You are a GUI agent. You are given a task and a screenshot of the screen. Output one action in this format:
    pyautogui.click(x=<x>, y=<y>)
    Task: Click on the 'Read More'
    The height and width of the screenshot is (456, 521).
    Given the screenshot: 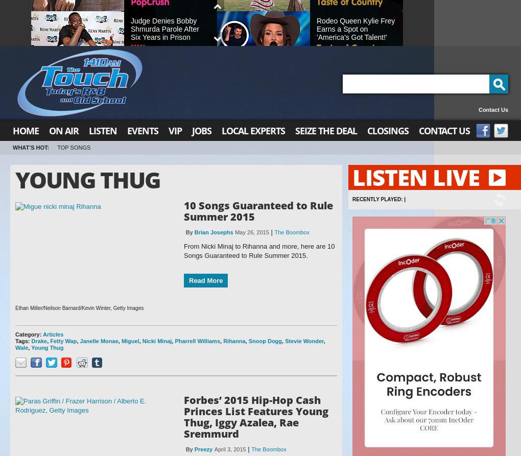 What is the action you would take?
    pyautogui.click(x=188, y=280)
    